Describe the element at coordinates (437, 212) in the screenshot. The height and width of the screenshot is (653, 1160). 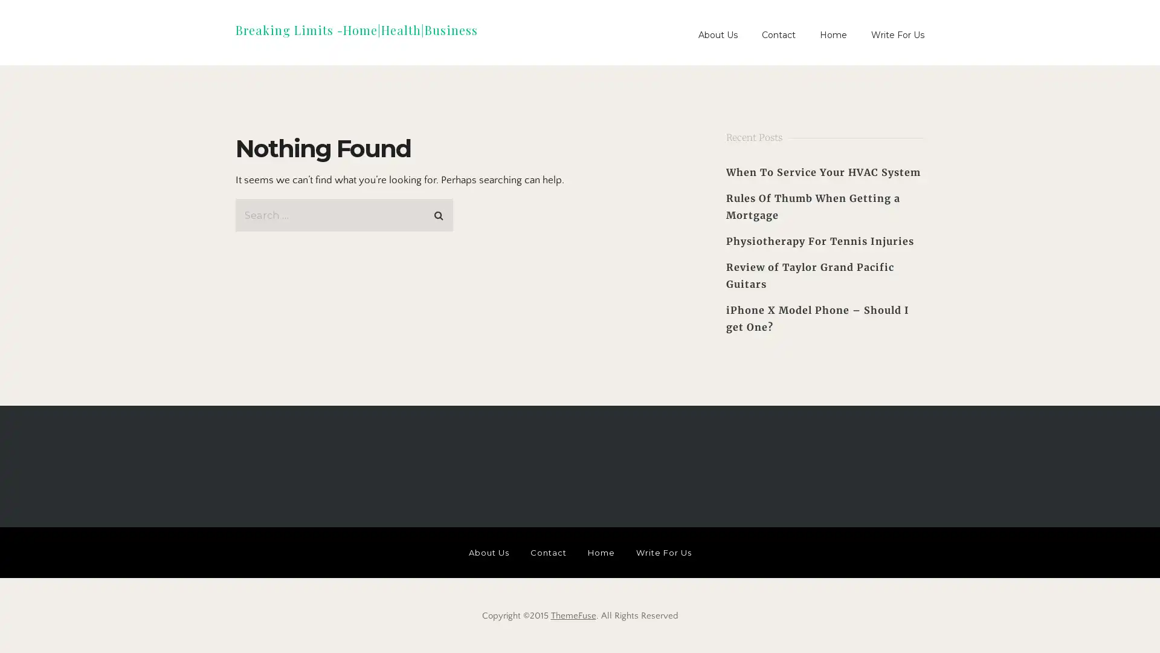
I see `Search` at that location.